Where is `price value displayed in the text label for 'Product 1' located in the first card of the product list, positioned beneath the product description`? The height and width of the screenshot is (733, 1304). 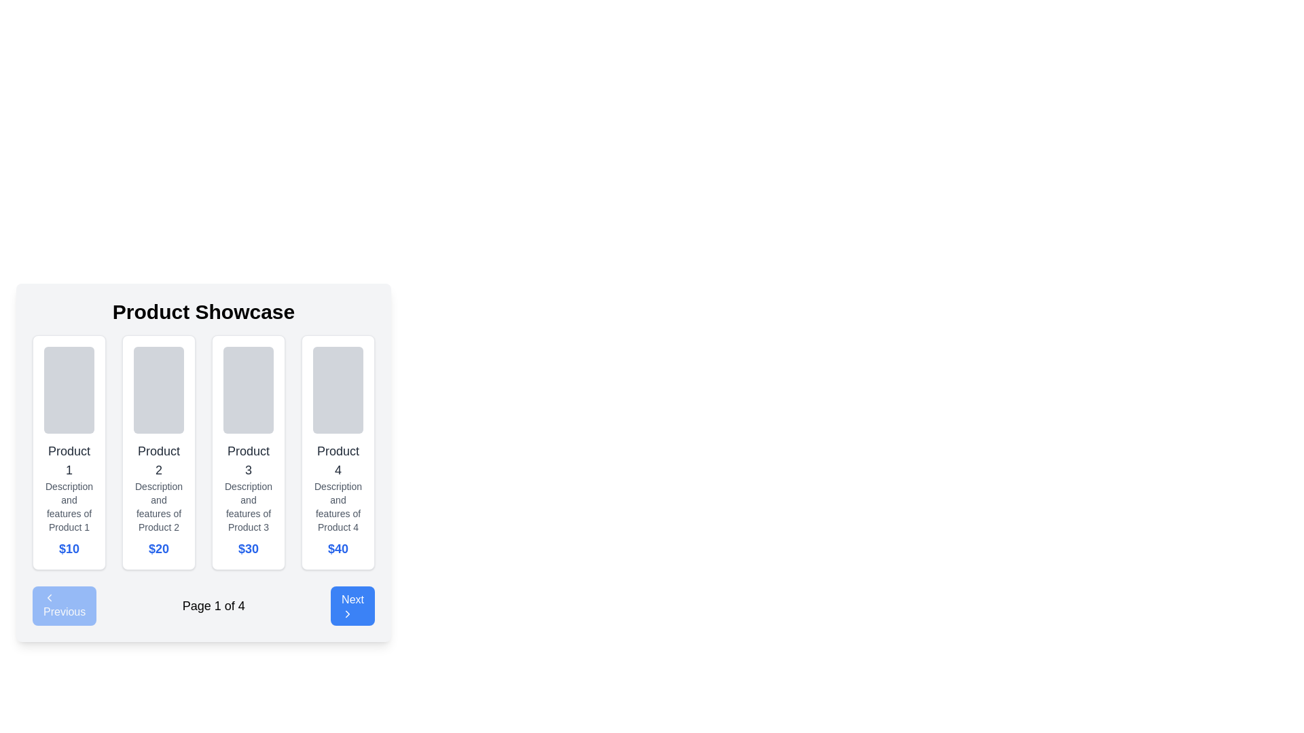
price value displayed in the text label for 'Product 1' located in the first card of the product list, positioned beneath the product description is located at coordinates (68, 548).